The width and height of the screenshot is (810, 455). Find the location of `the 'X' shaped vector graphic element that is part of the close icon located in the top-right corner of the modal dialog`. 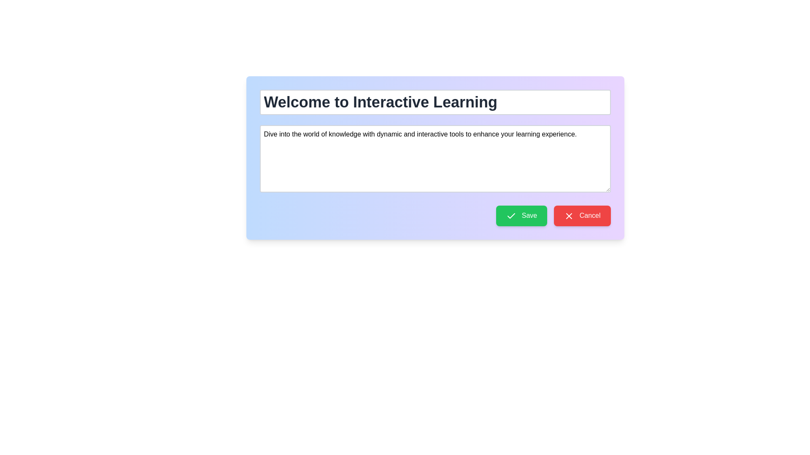

the 'X' shaped vector graphic element that is part of the close icon located in the top-right corner of the modal dialog is located at coordinates (569, 215).